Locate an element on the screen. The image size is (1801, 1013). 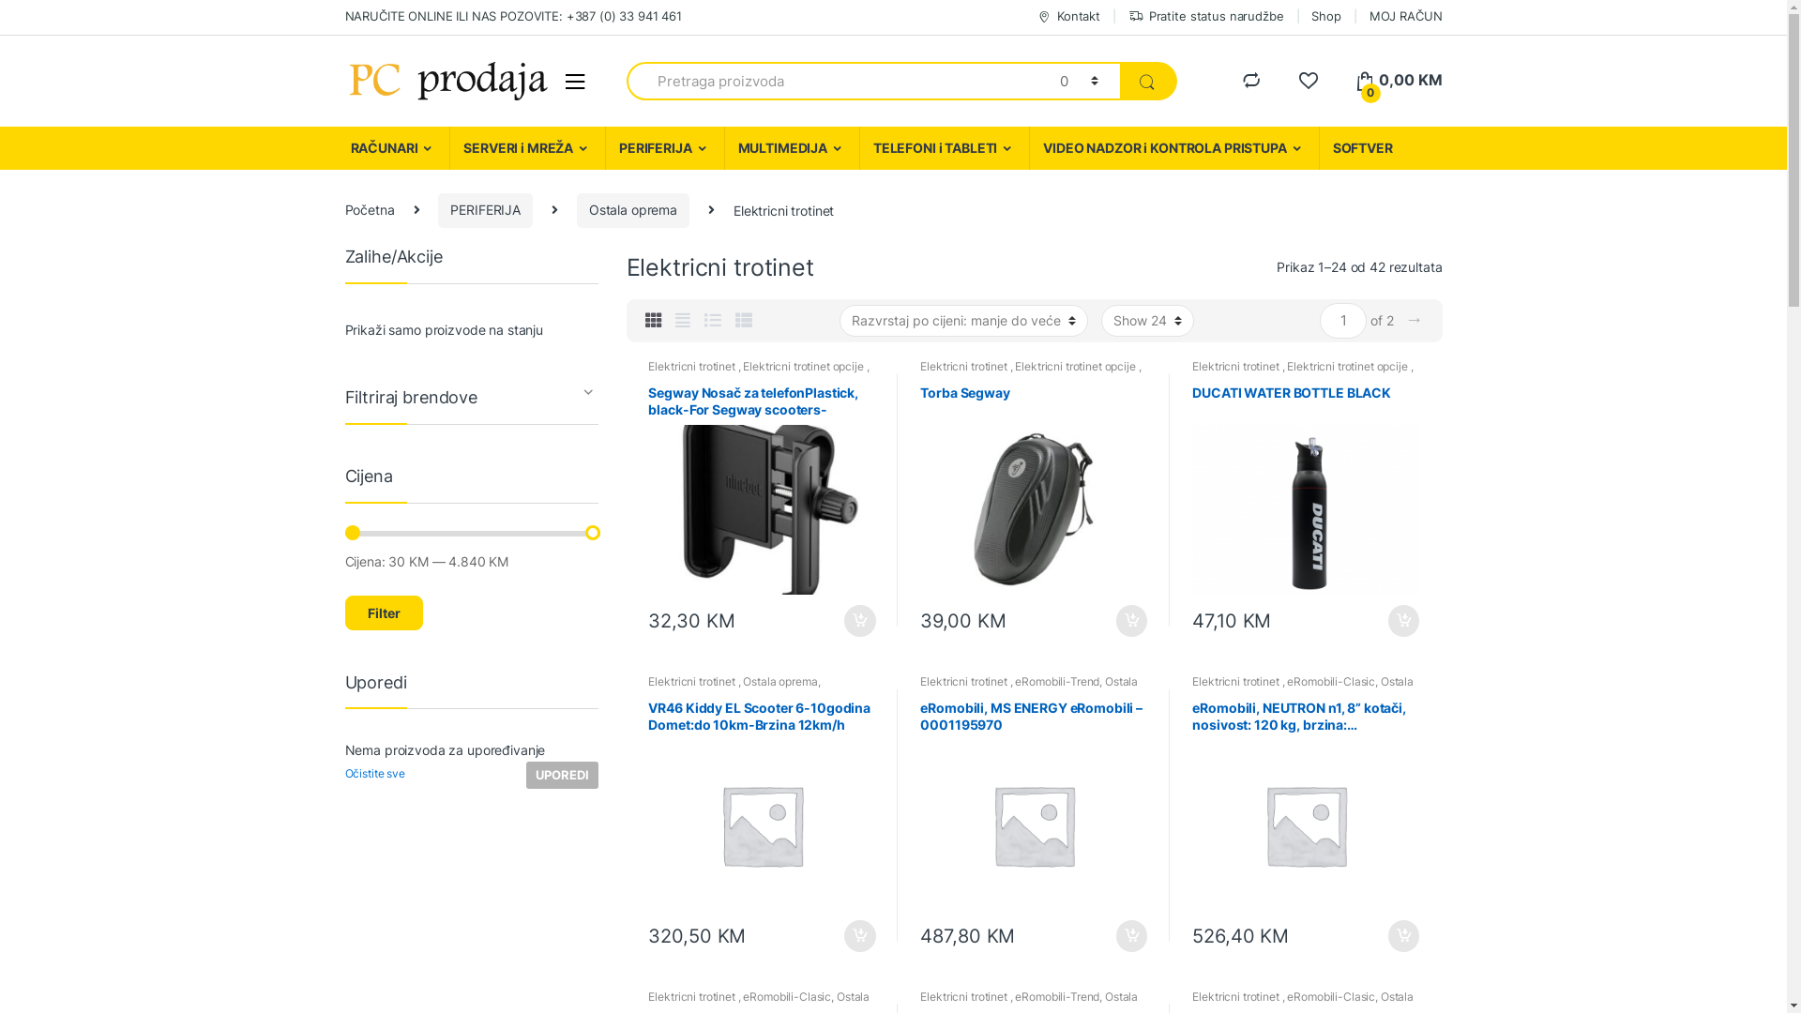
'List View Small' is located at coordinates (742, 320).